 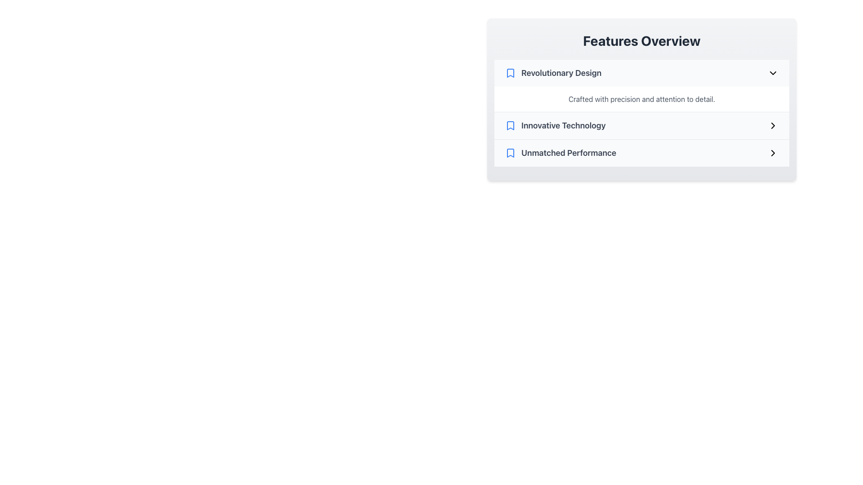 I want to click on the chevron icon that indicates expandable or collapsible content for 'Revolutionary Design', so click(x=772, y=72).